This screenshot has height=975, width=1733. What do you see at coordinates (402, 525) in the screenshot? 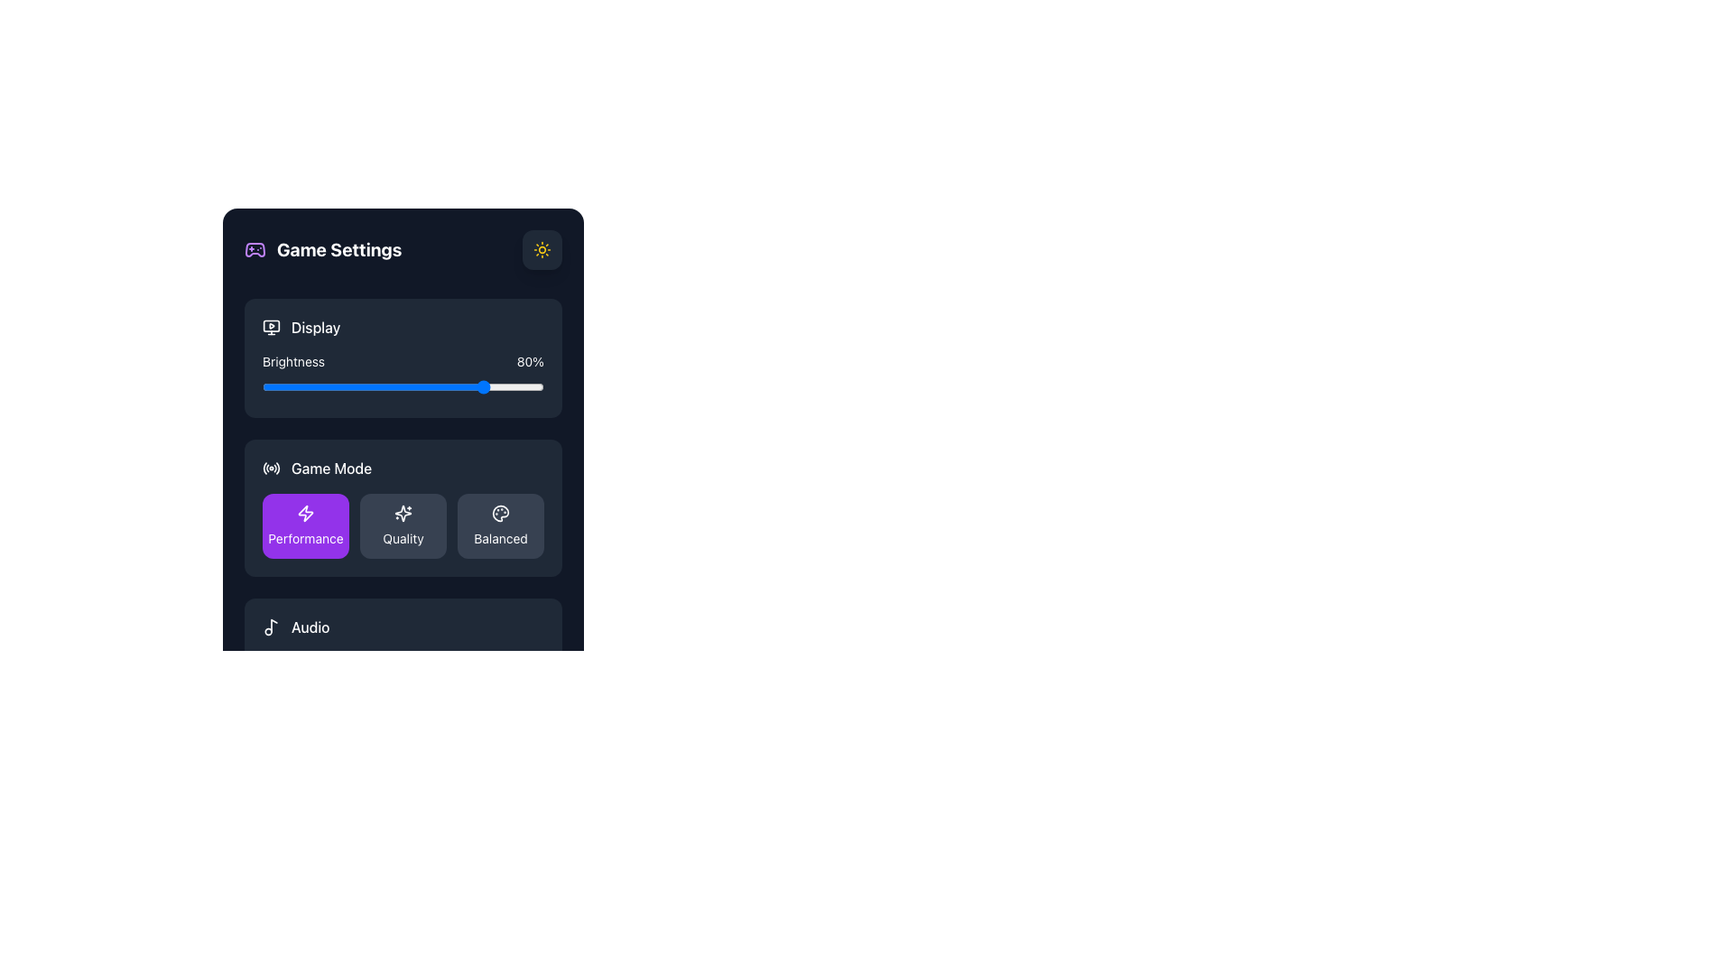
I see `the icons within the options of the radio button group labeled 'Game Mode' in the 'Game Settings' interface by clicking on the center of the group of selector buttons` at bounding box center [402, 525].